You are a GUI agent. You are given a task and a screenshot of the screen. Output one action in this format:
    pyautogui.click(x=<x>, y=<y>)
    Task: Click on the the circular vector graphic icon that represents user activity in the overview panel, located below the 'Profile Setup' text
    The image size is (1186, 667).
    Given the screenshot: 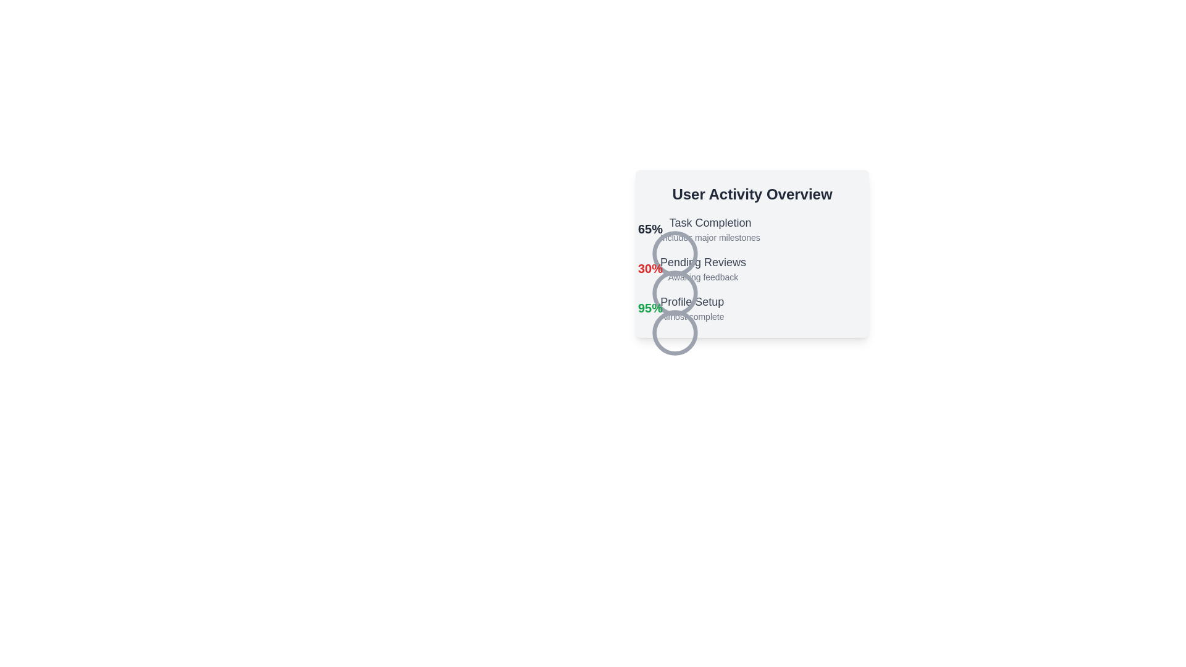 What is the action you would take?
    pyautogui.click(x=675, y=293)
    